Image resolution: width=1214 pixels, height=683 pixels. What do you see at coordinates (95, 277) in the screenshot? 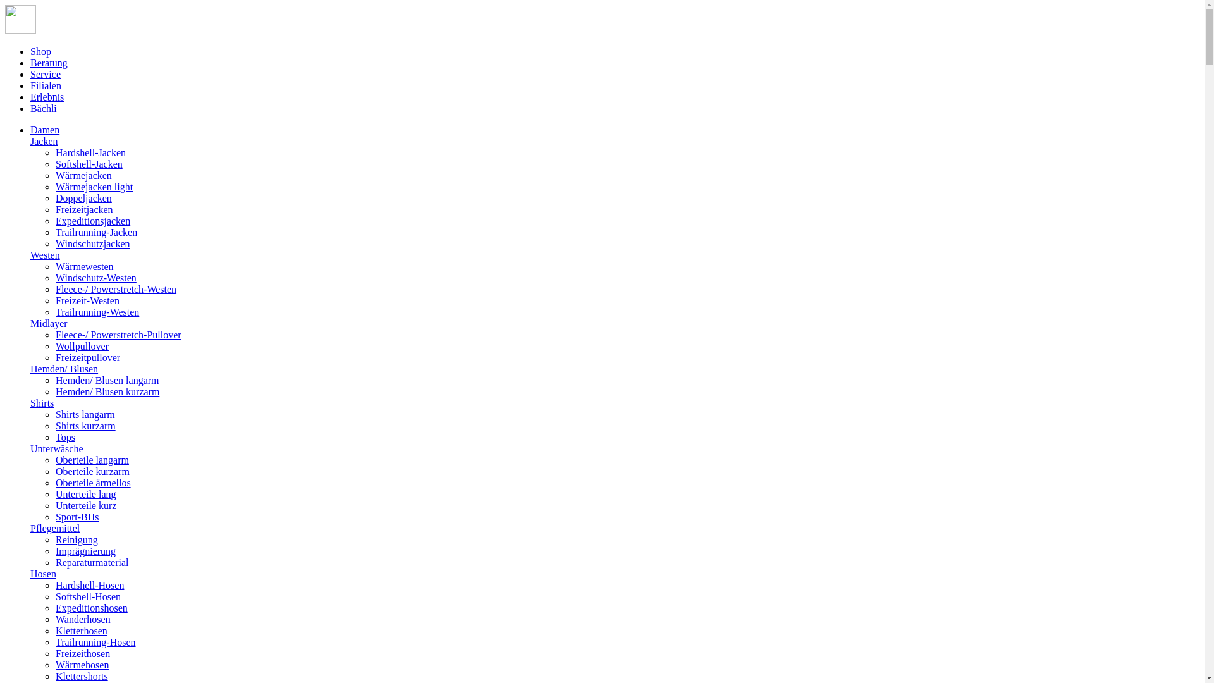
I see `'Windschutz-Westen'` at bounding box center [95, 277].